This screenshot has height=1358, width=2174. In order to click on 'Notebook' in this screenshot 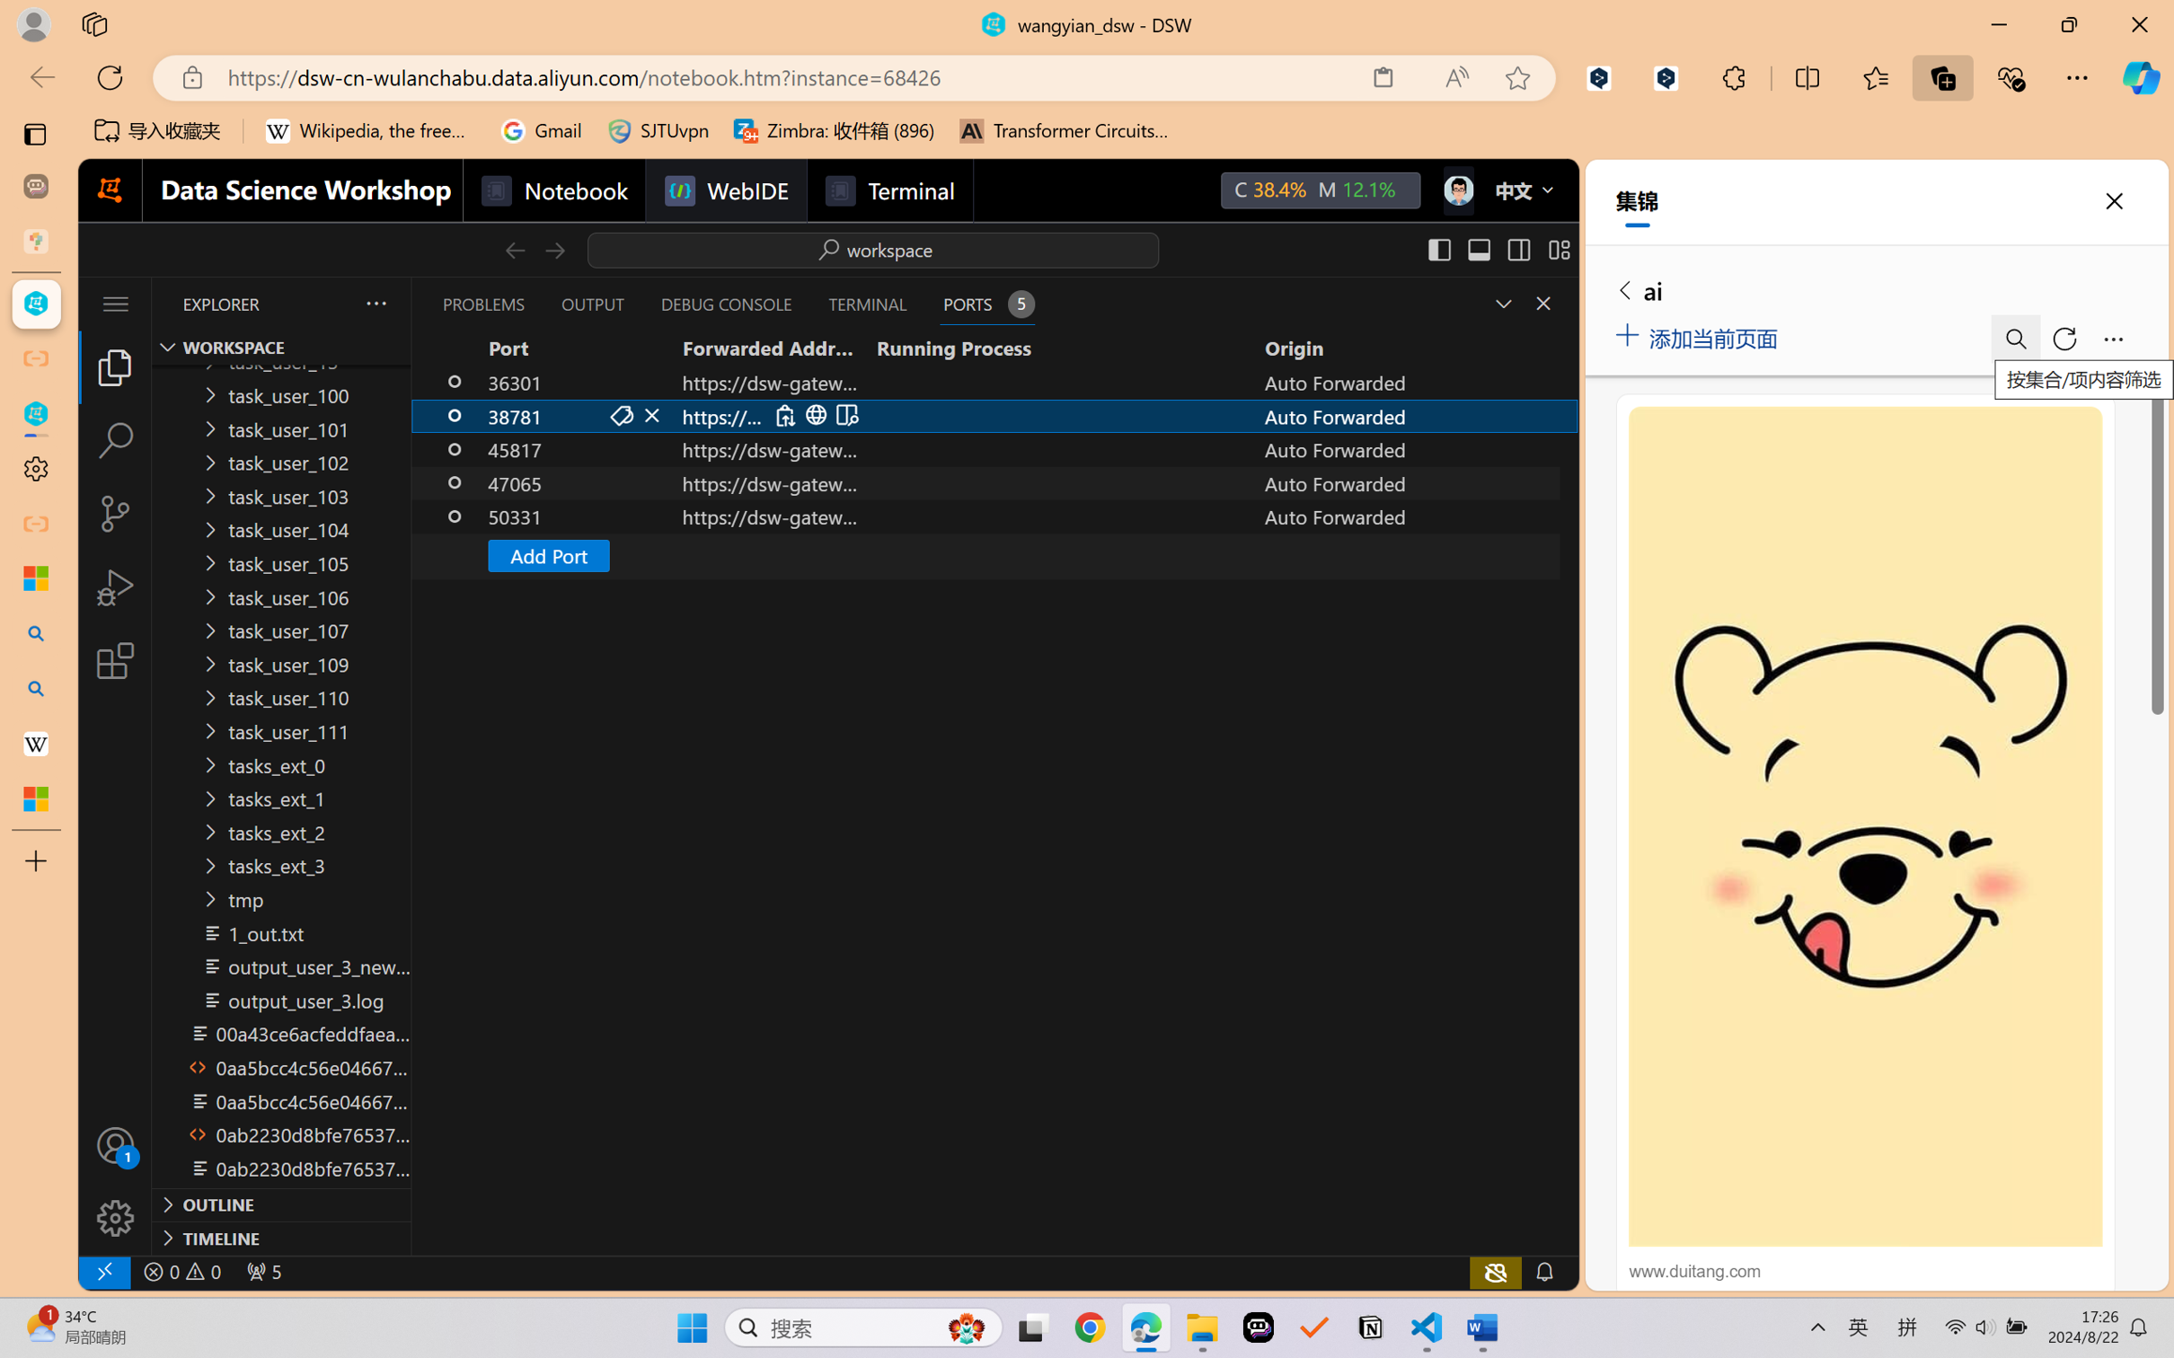, I will do `click(552, 190)`.